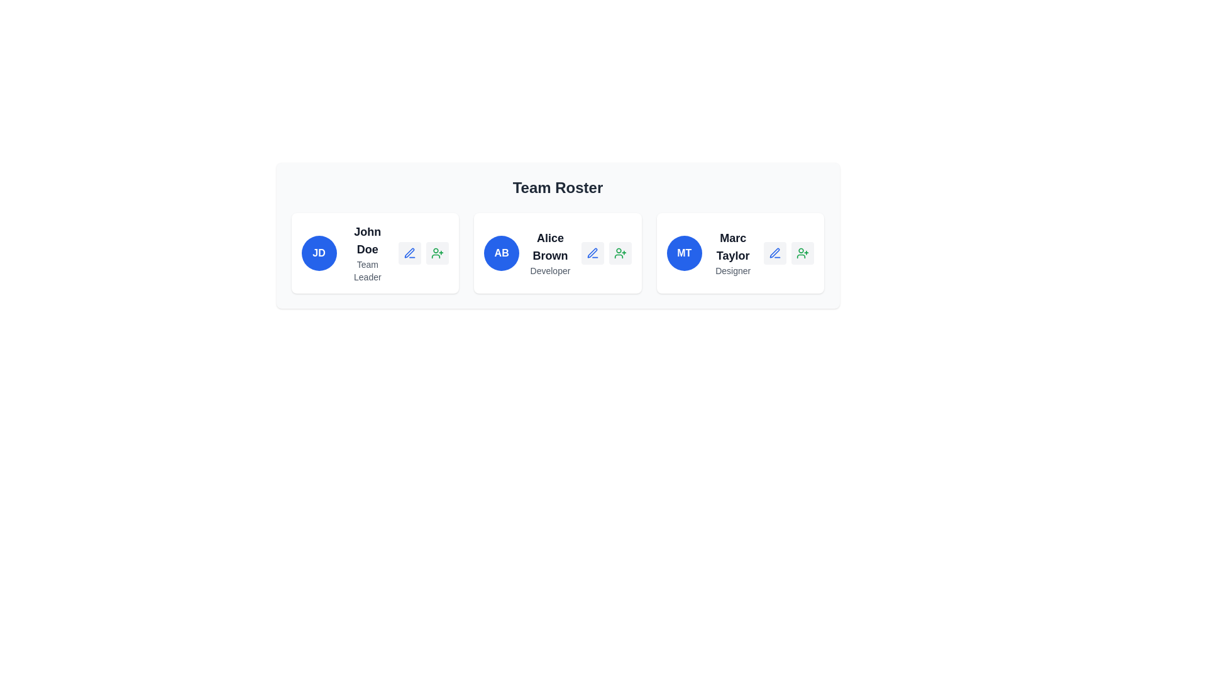  What do you see at coordinates (550, 247) in the screenshot?
I see `the bold text displaying the individual's name in the 'Team Roster' section, located above the 'Developer' text and below the circular blue icon labeled 'AB' to interact with associated functionalities` at bounding box center [550, 247].